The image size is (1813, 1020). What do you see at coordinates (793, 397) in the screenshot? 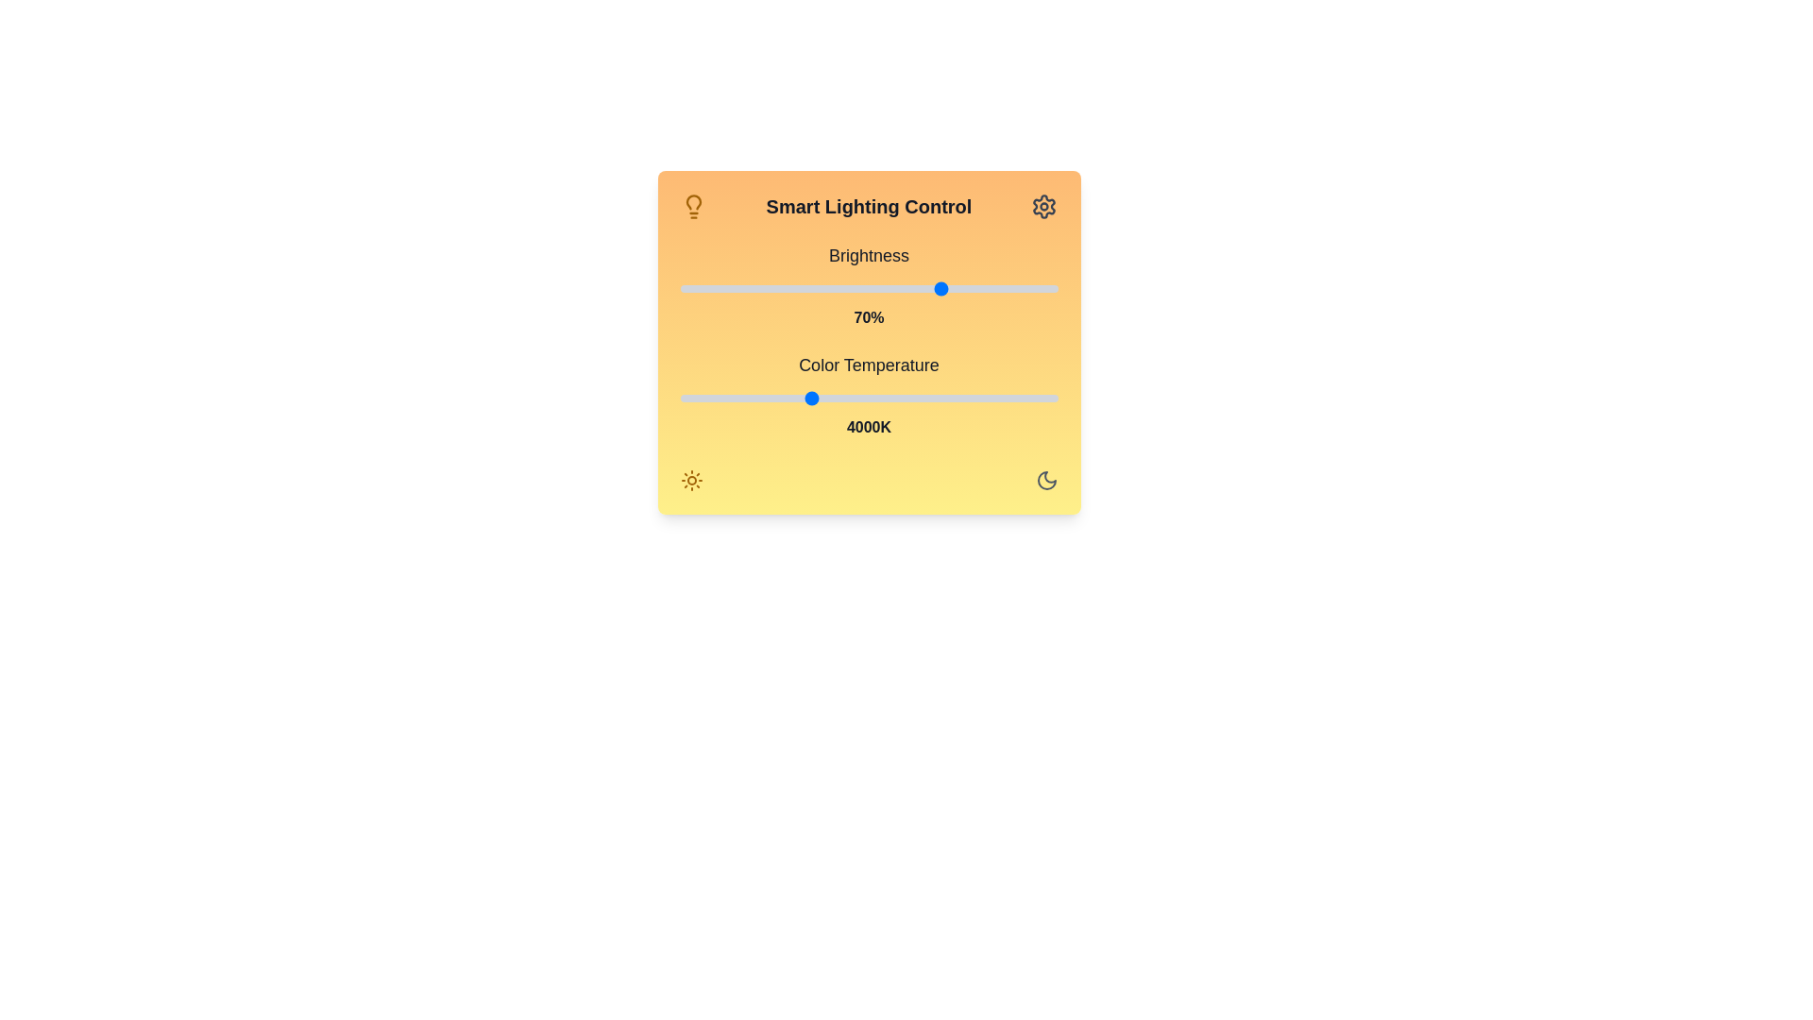
I see `the color temperature slider to set the color temperature to 3835 Kelvin` at bounding box center [793, 397].